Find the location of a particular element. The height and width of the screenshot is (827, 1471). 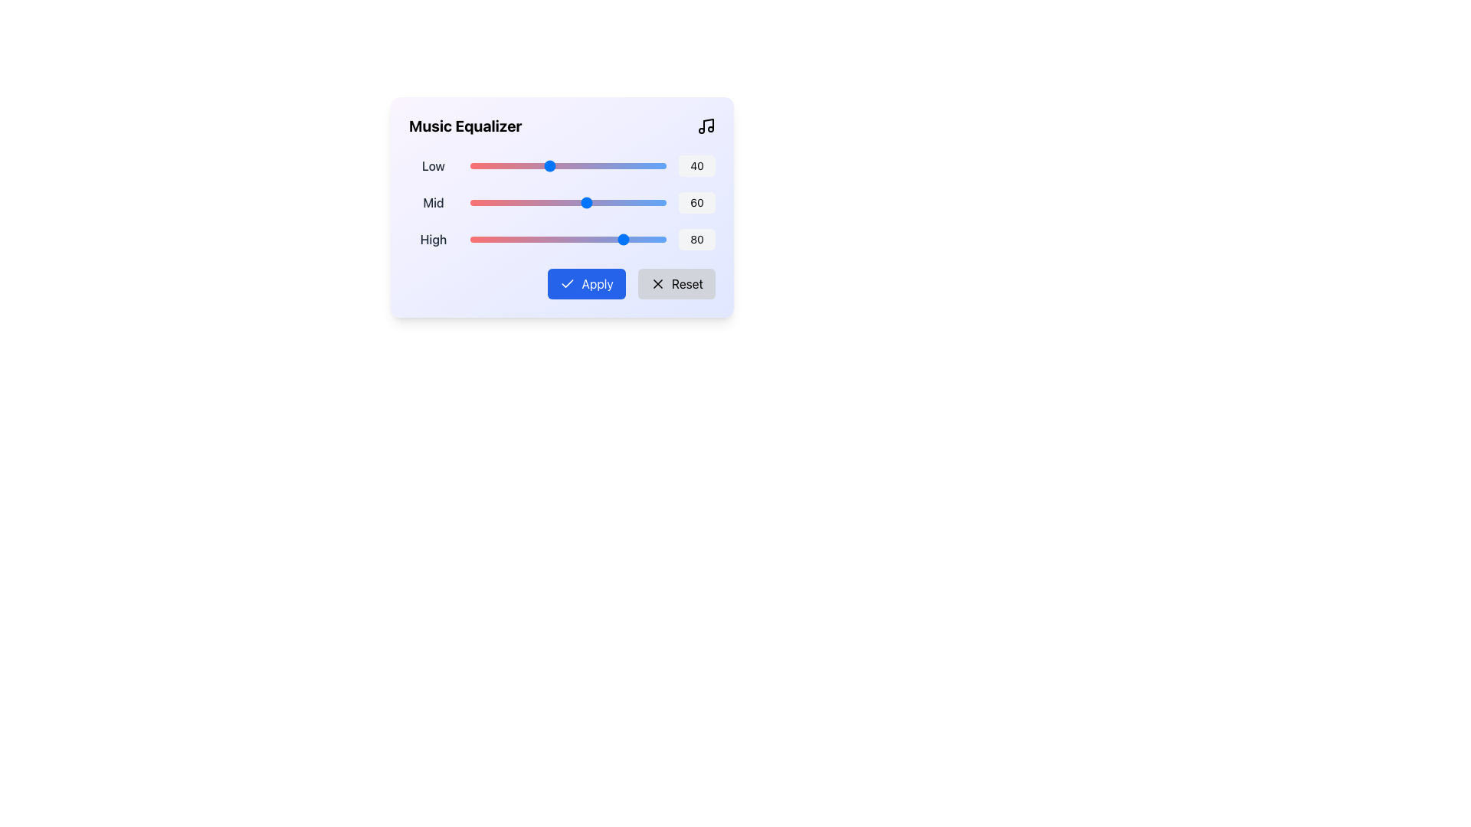

the 'Mid' equalizer slider is located at coordinates (485, 202).